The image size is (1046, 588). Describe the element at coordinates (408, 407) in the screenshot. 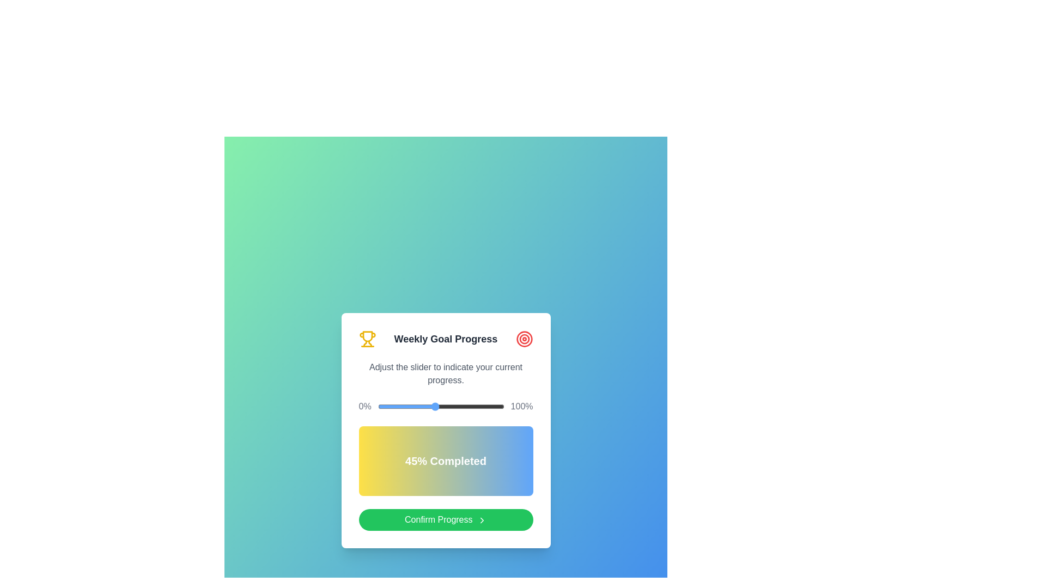

I see `the progress slider to set the progress to 24%` at that location.